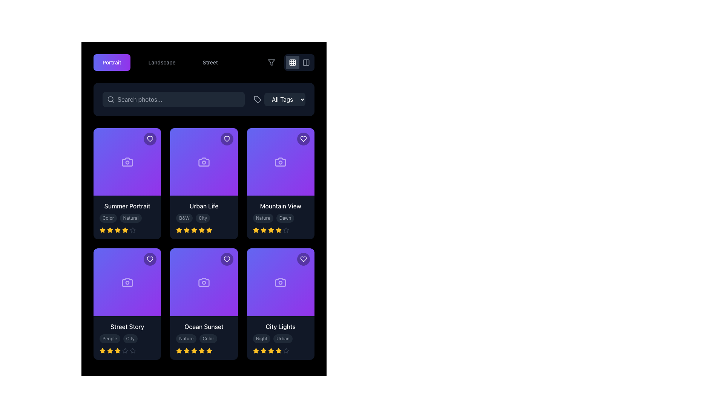  What do you see at coordinates (284, 99) in the screenshot?
I see `the dropdown button located in the top navigation area, to the right of the search bar, for keyboard navigation` at bounding box center [284, 99].